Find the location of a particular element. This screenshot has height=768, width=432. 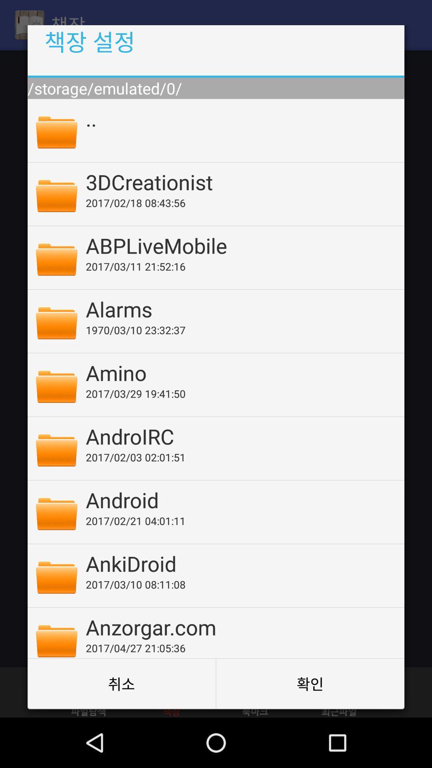

amino is located at coordinates (239, 372).